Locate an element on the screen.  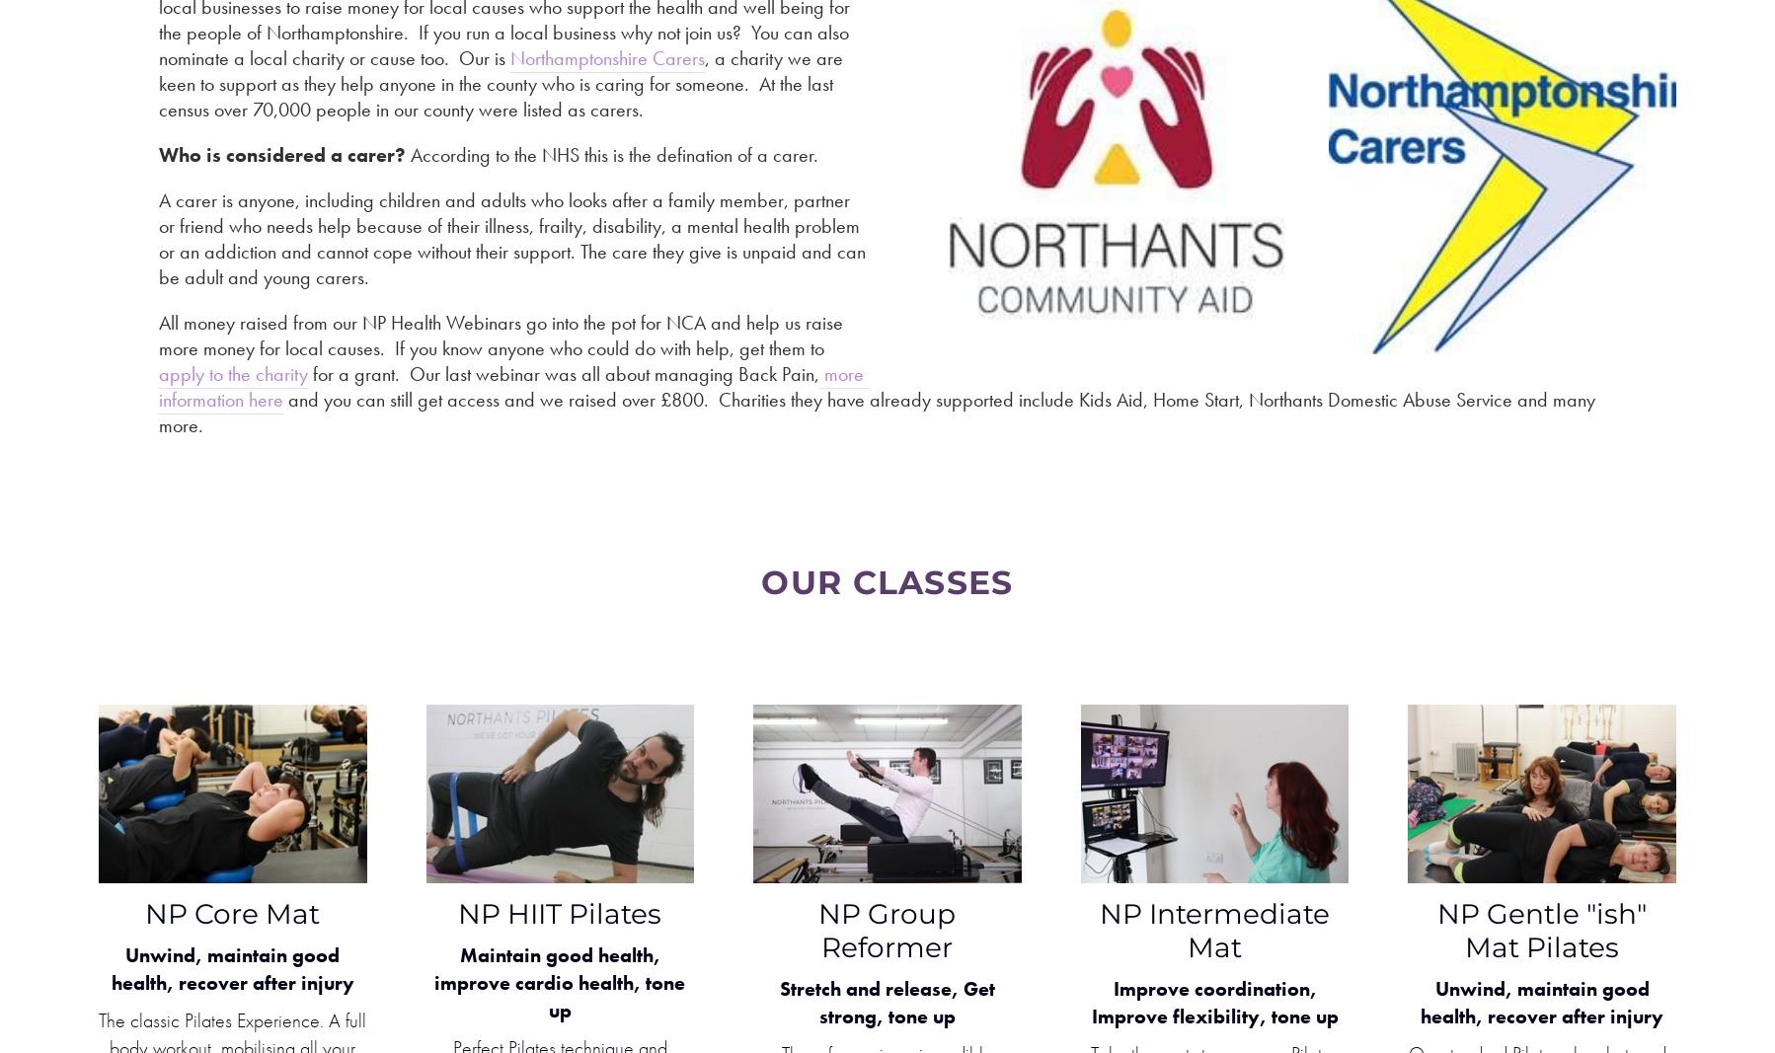
'Maintain good health, improve cardio health, tone up' is located at coordinates (560, 981).